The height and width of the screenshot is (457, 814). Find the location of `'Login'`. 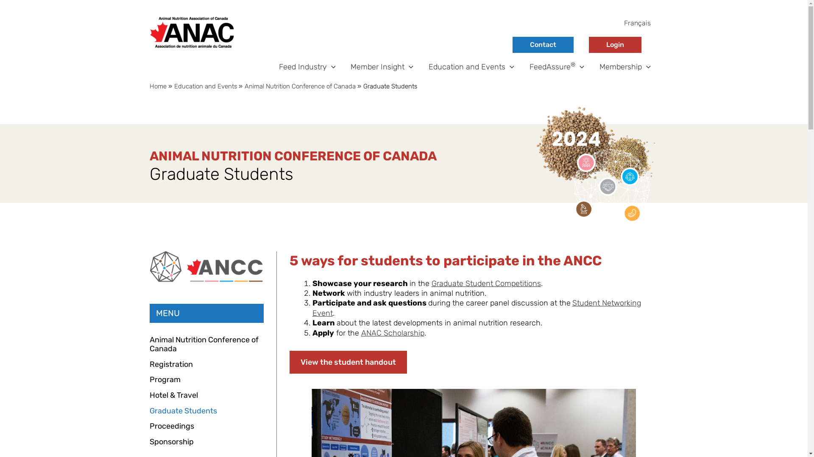

'Login' is located at coordinates (614, 44).